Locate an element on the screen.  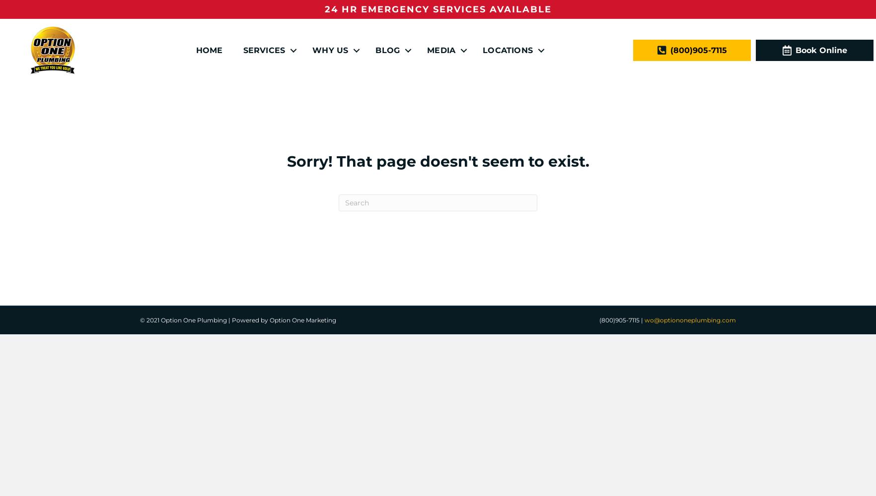
'Book Online' is located at coordinates (795, 49).